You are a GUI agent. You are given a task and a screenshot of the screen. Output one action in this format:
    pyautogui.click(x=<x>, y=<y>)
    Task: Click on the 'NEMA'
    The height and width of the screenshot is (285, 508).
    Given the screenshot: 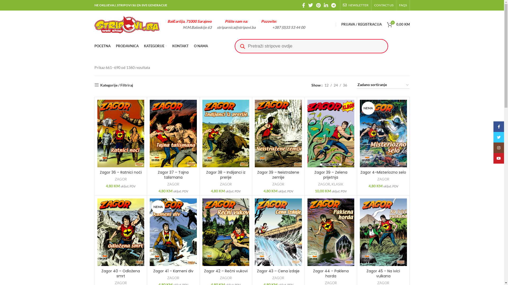 What is the action you would take?
    pyautogui.click(x=383, y=133)
    